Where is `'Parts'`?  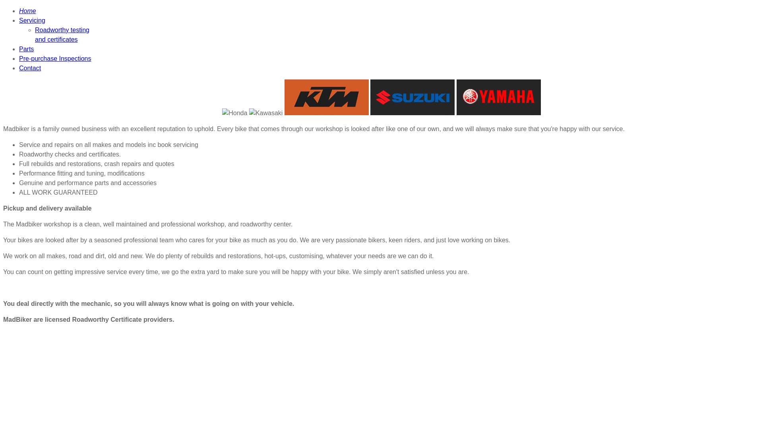 'Parts' is located at coordinates (19, 49).